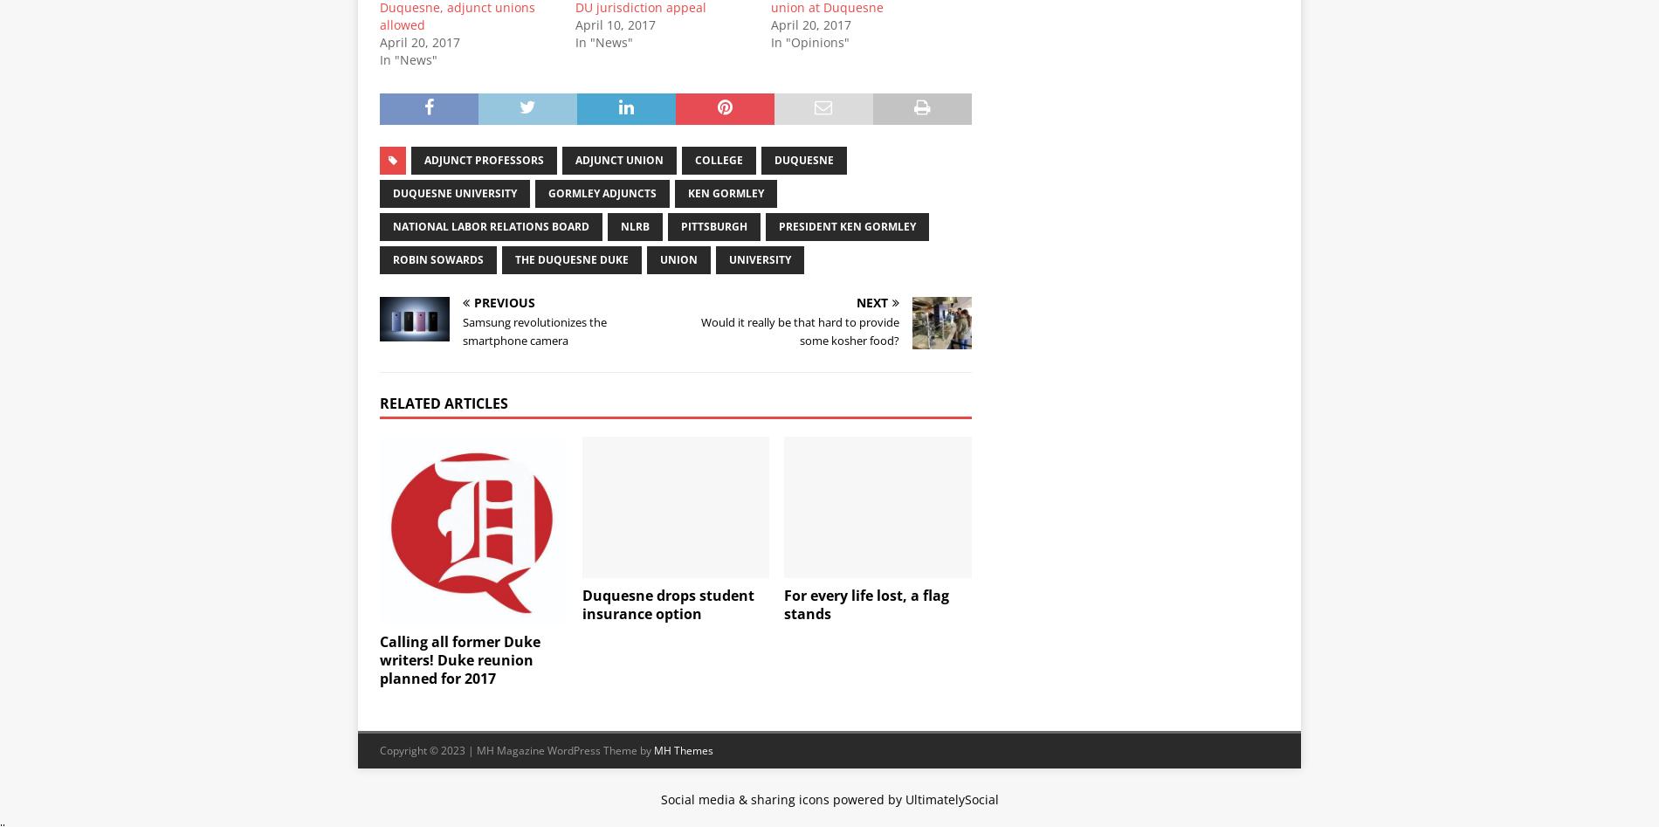 The image size is (1659, 827). Describe the element at coordinates (745, 797) in the screenshot. I see `'Social media & sharing icons'` at that location.